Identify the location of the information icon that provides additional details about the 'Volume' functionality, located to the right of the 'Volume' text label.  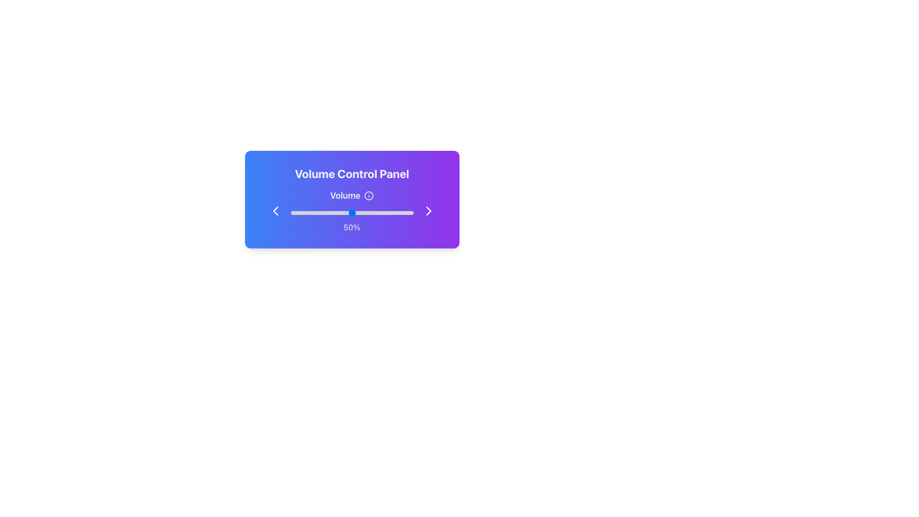
(368, 195).